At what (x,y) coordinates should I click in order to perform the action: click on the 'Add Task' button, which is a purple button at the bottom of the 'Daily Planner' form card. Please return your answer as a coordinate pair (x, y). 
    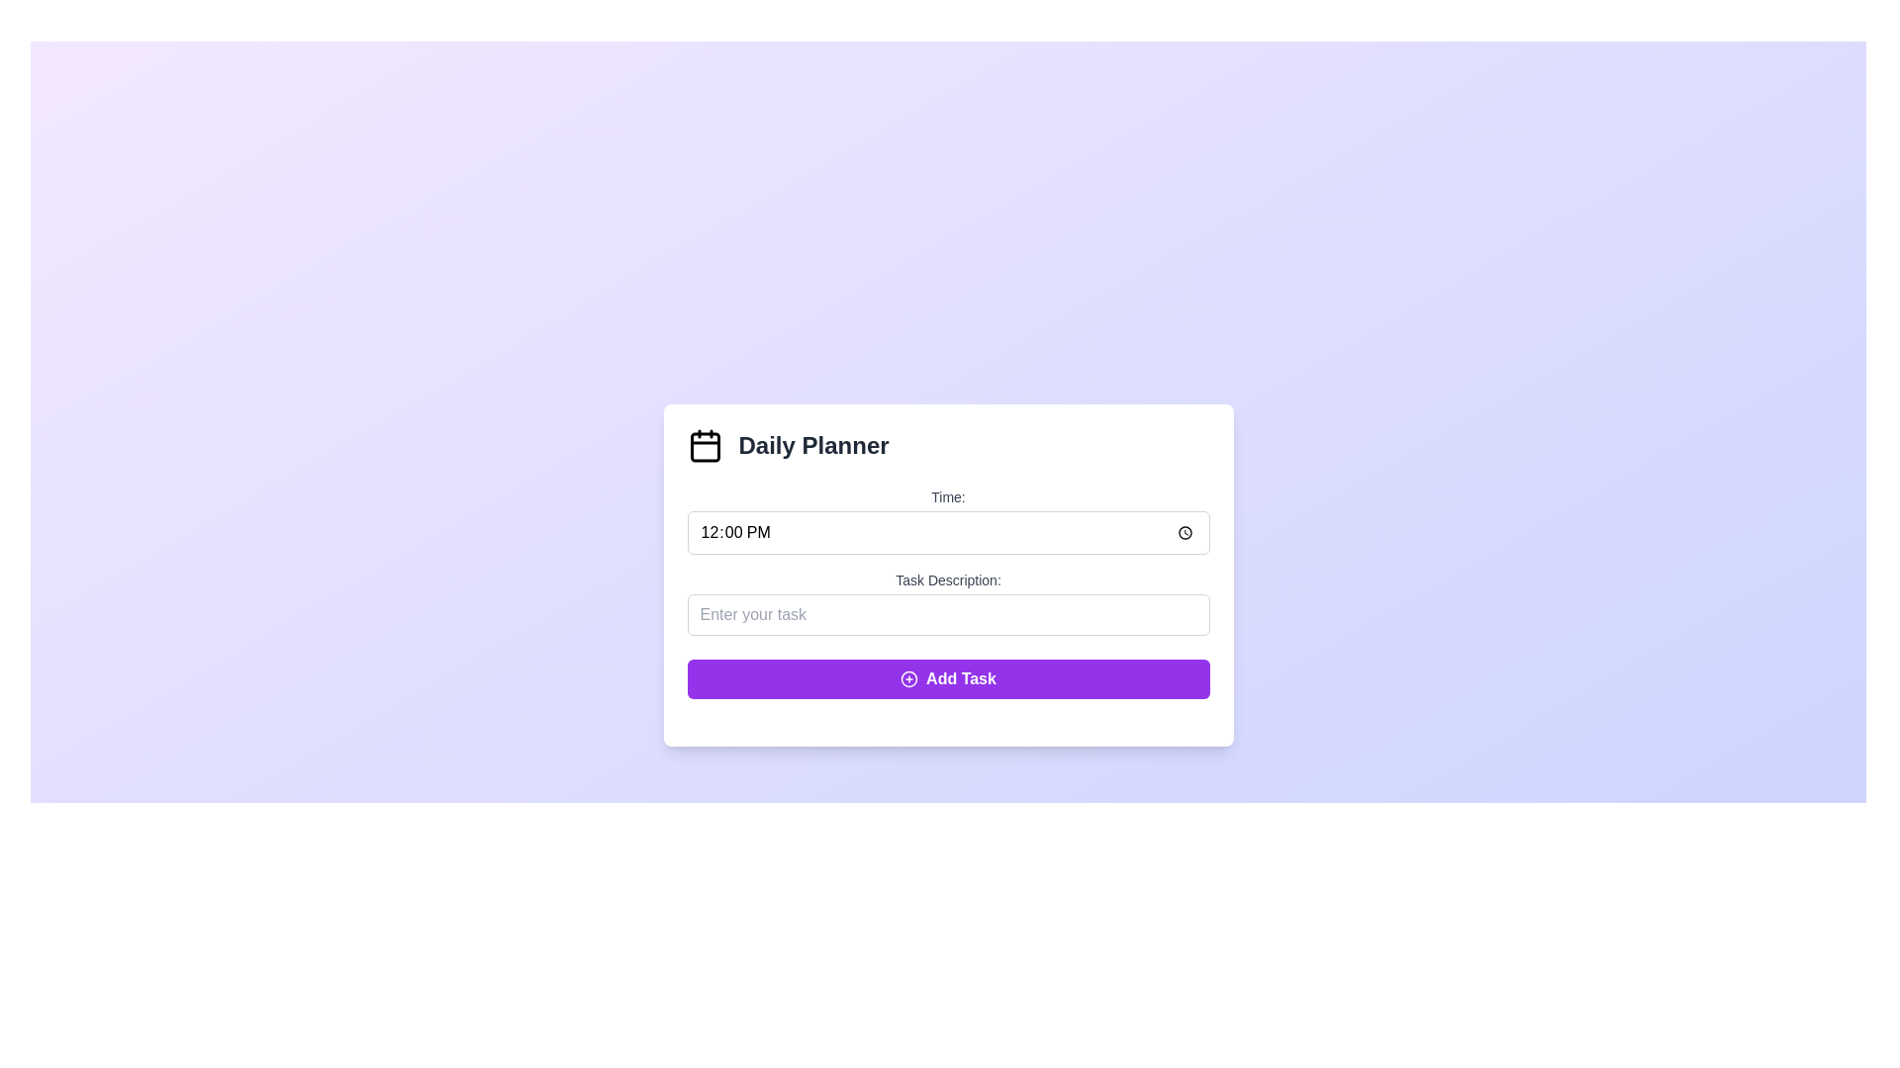
    Looking at the image, I should click on (961, 677).